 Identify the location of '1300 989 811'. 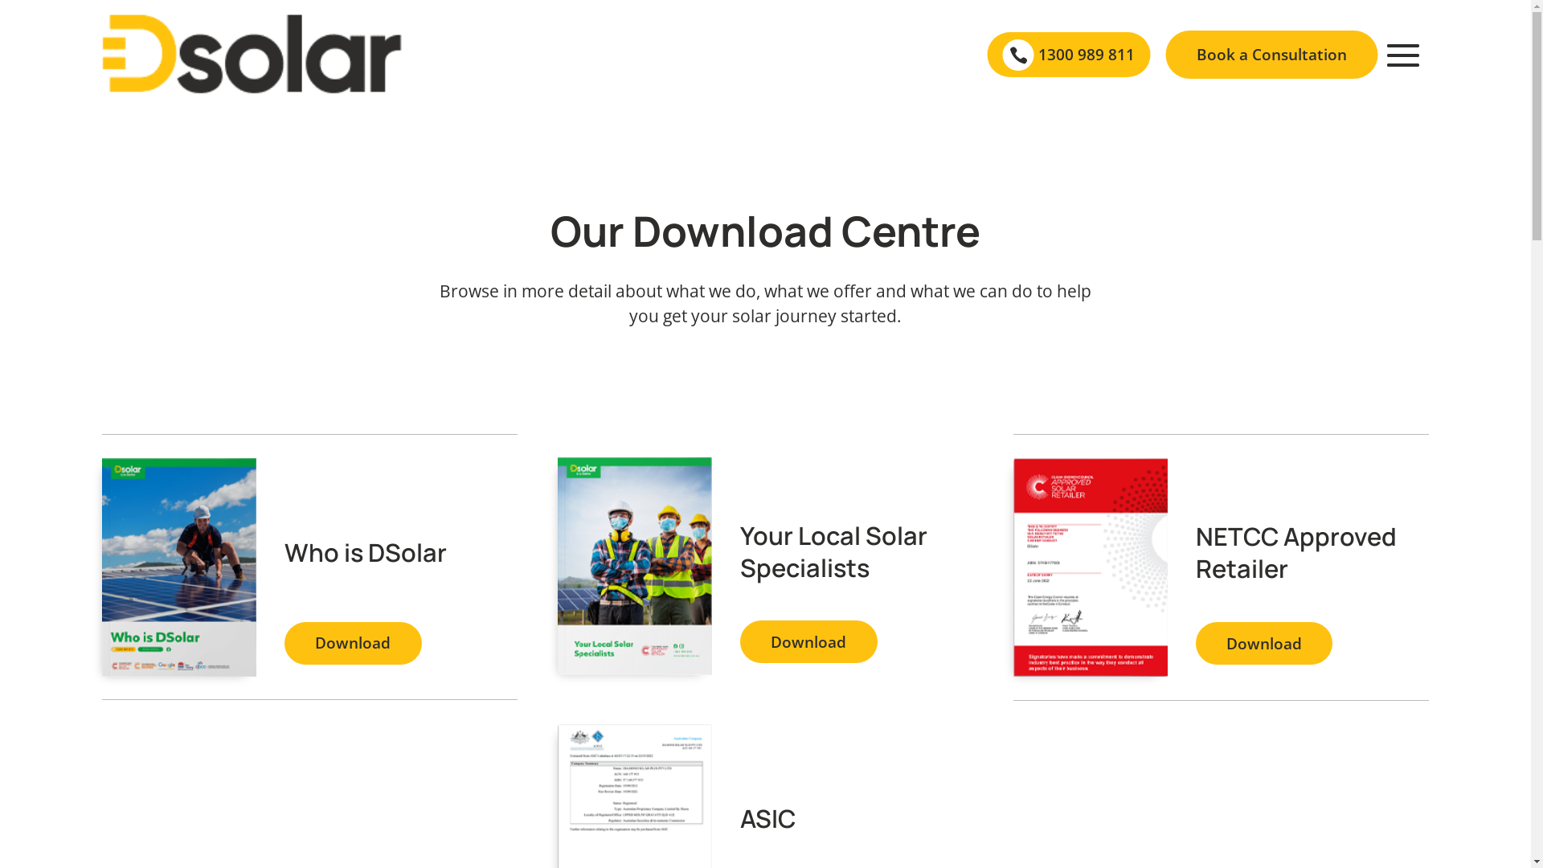
(1087, 53).